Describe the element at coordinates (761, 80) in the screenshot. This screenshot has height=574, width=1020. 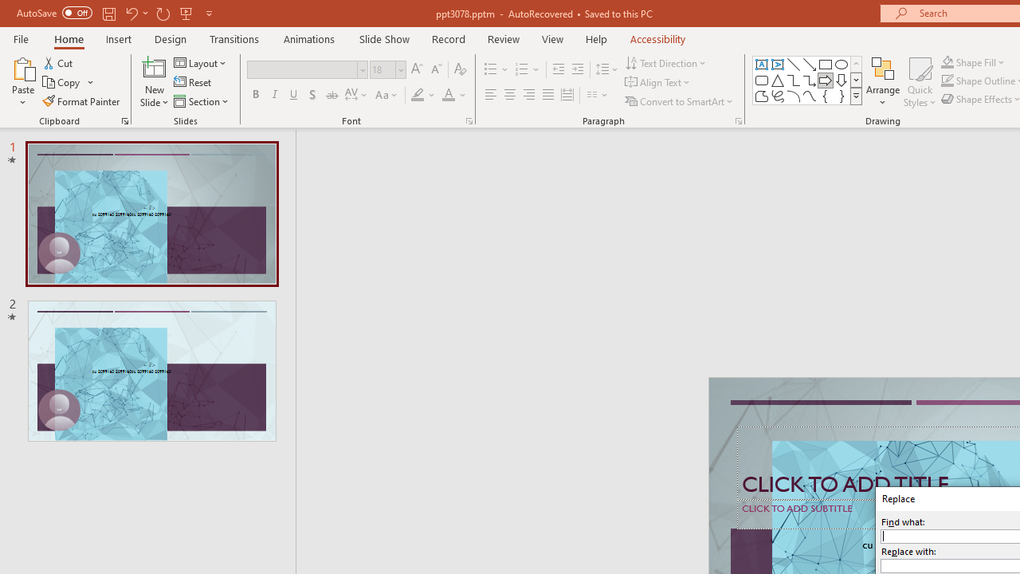
I see `'Rectangle: Rounded Corners'` at that location.